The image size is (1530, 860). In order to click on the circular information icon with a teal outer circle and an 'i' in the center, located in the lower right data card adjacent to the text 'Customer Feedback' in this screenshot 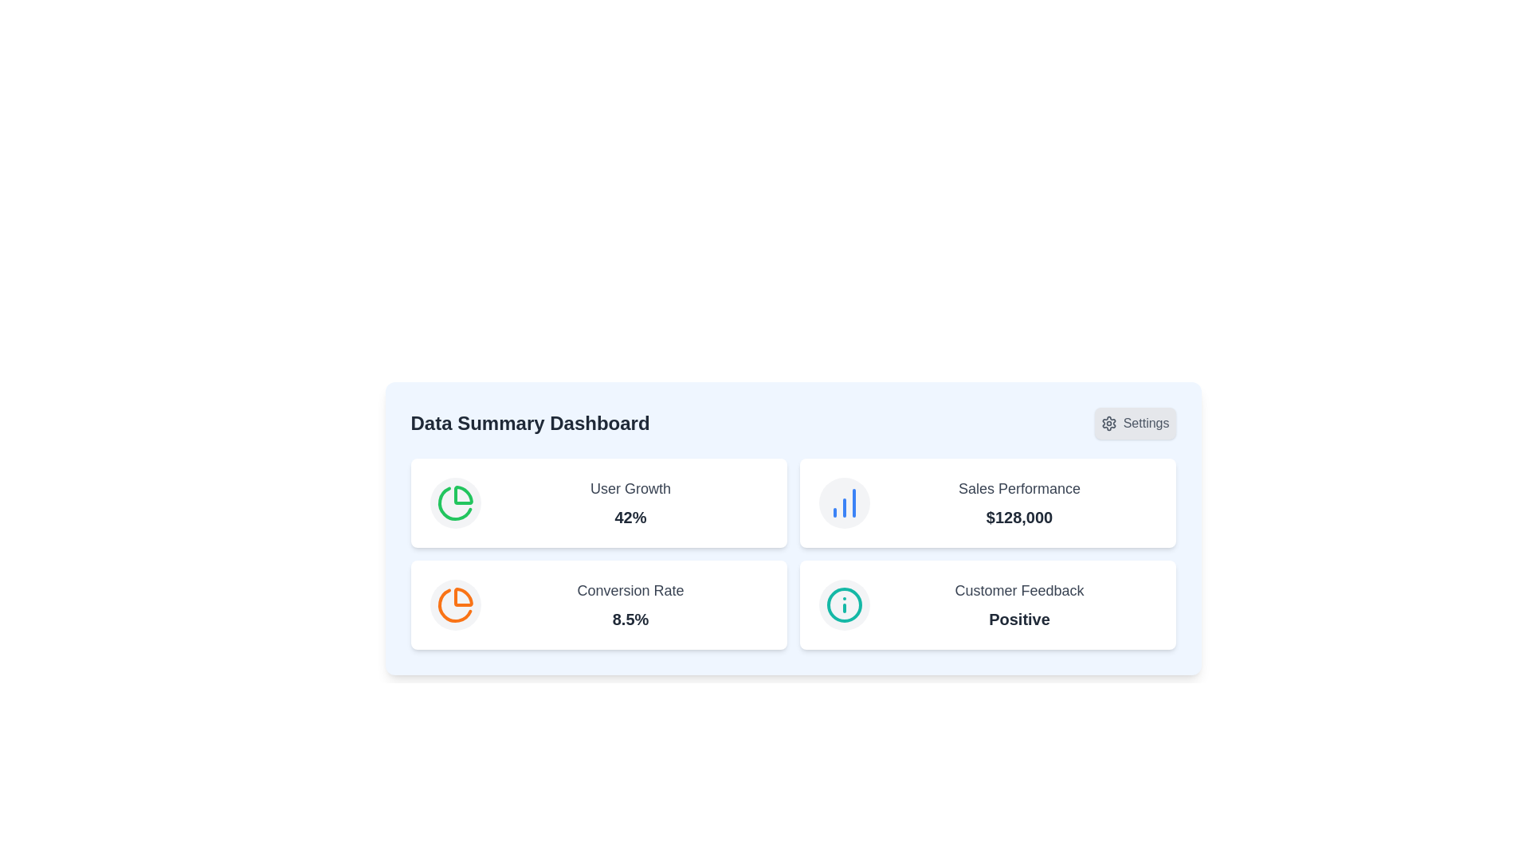, I will do `click(843, 604)`.